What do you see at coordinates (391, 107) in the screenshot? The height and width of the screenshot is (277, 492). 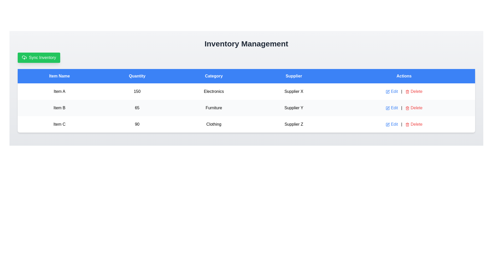 I see `the 'Edit' button in the 'Actions' column of the second row in the 'Inventory Management' table to initiate editing` at bounding box center [391, 107].